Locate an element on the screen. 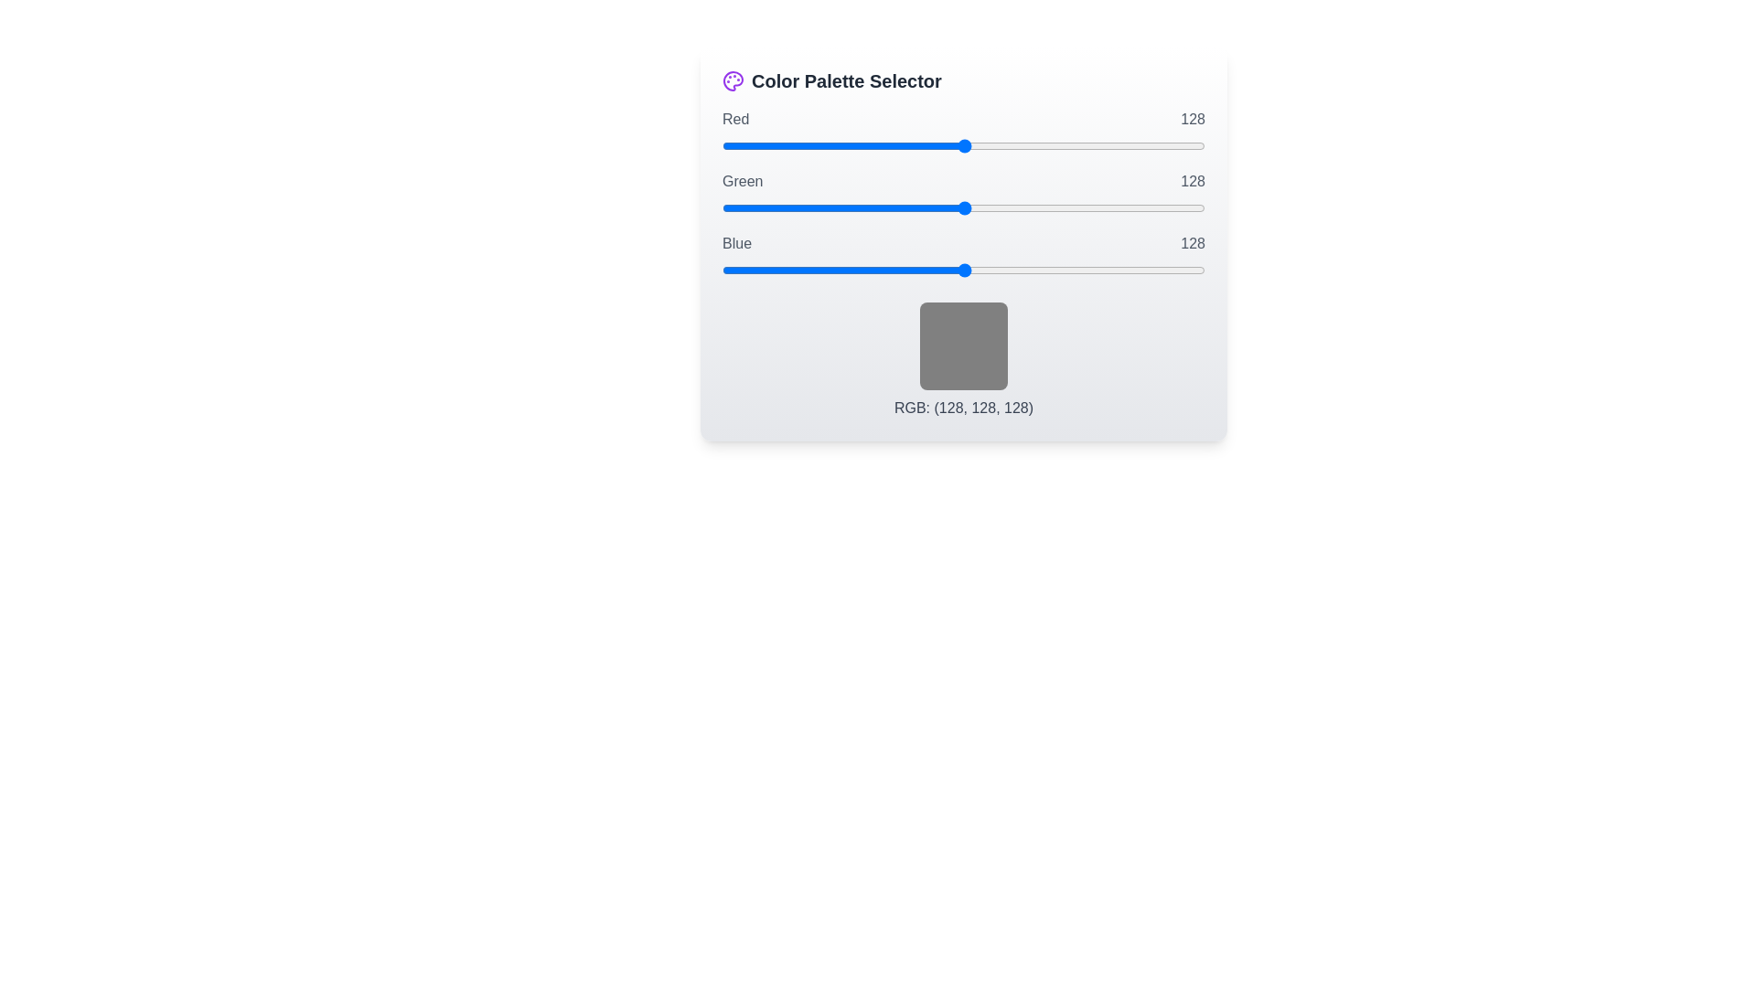 The height and width of the screenshot is (987, 1756). the 1 slider to 240 to observe the color preview box update is located at coordinates (963, 207).